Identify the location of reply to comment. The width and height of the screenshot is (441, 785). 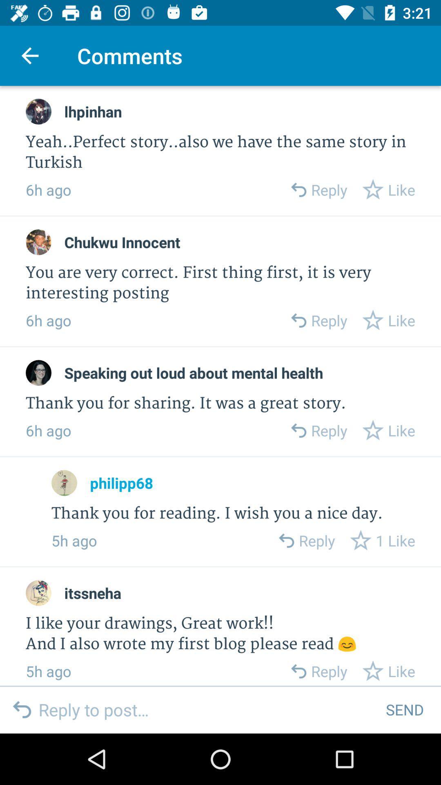
(298, 430).